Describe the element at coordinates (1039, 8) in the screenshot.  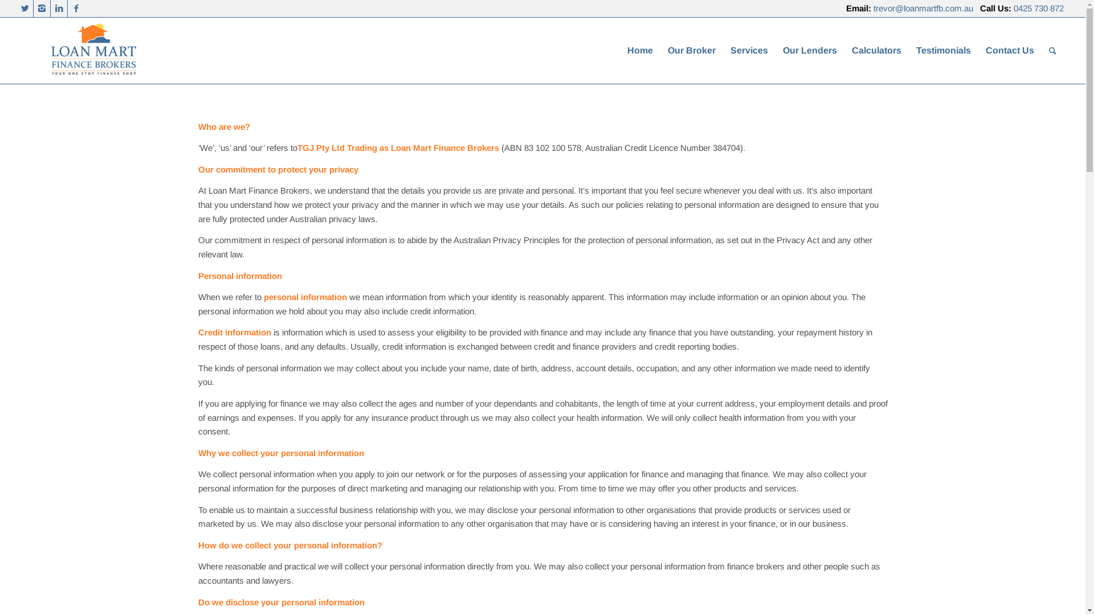
I see `'0425 730 872'` at that location.